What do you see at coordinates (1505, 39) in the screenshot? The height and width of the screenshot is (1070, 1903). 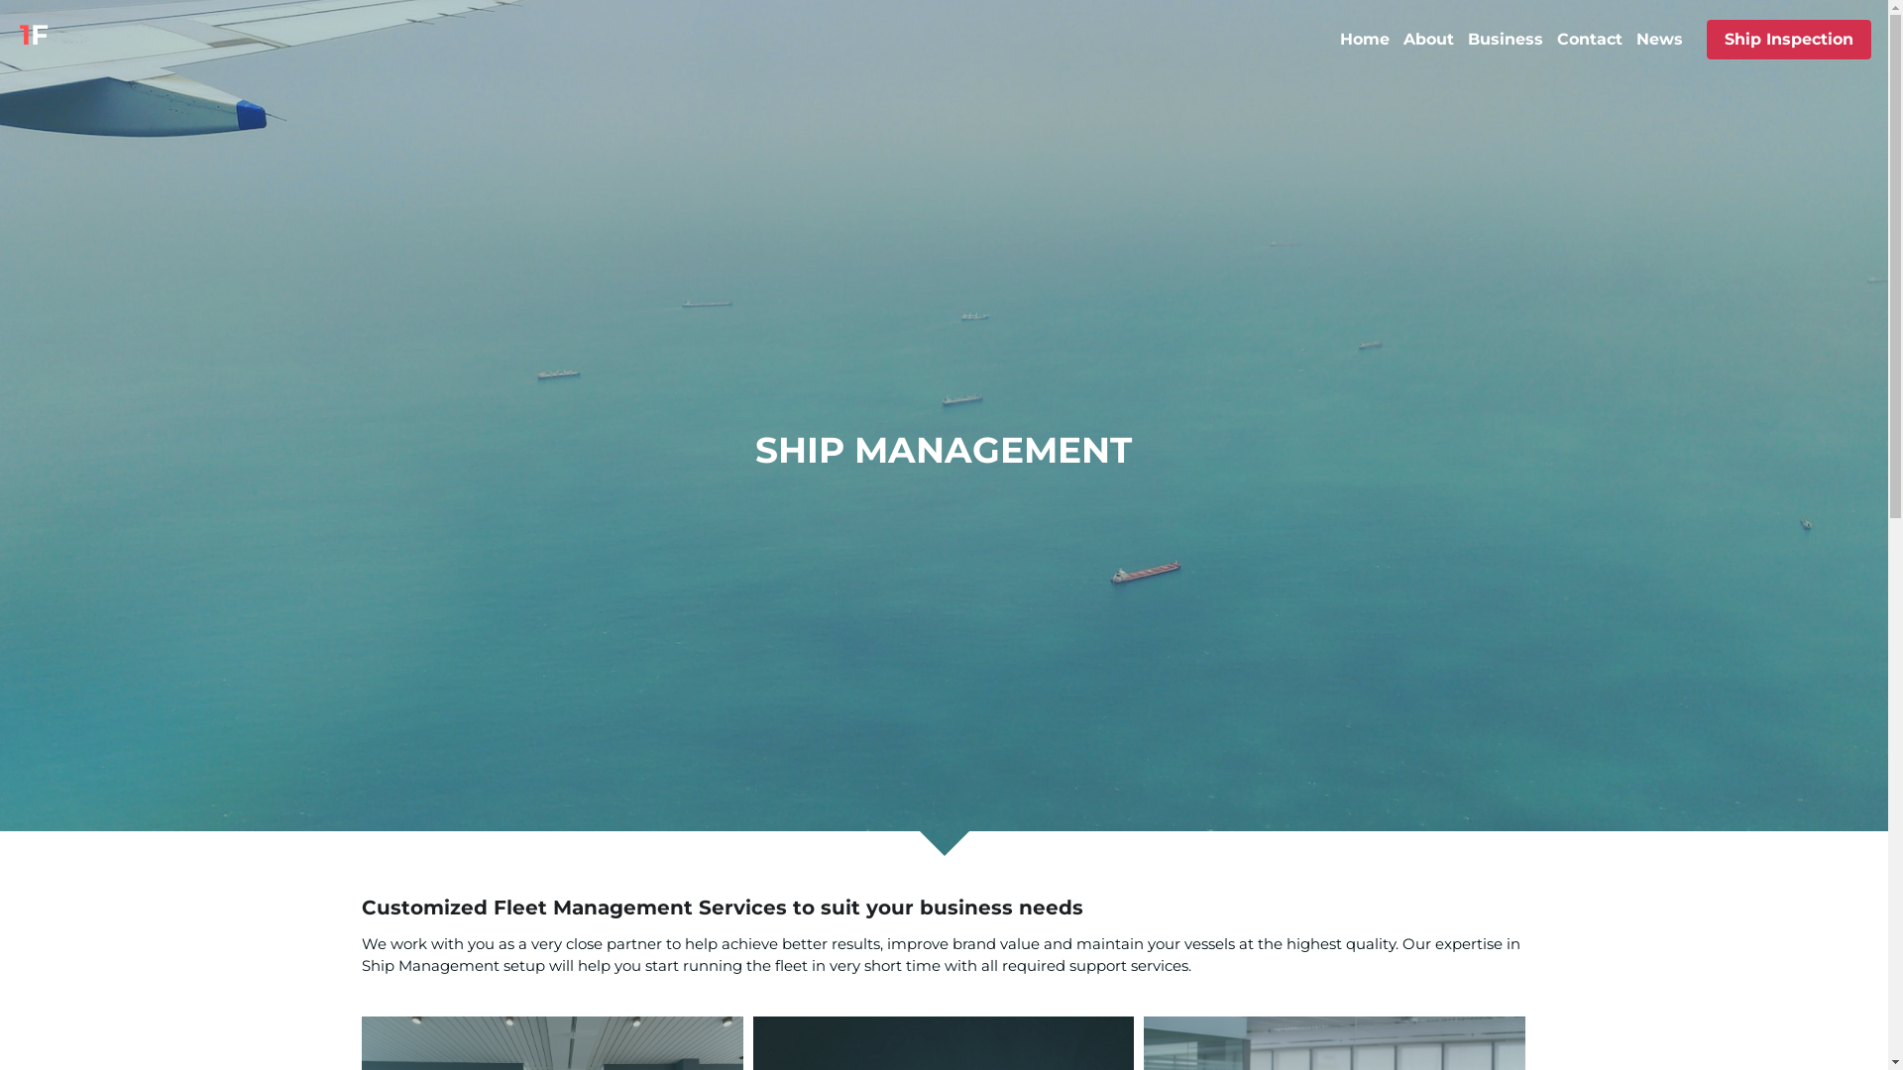 I see `'Business'` at bounding box center [1505, 39].